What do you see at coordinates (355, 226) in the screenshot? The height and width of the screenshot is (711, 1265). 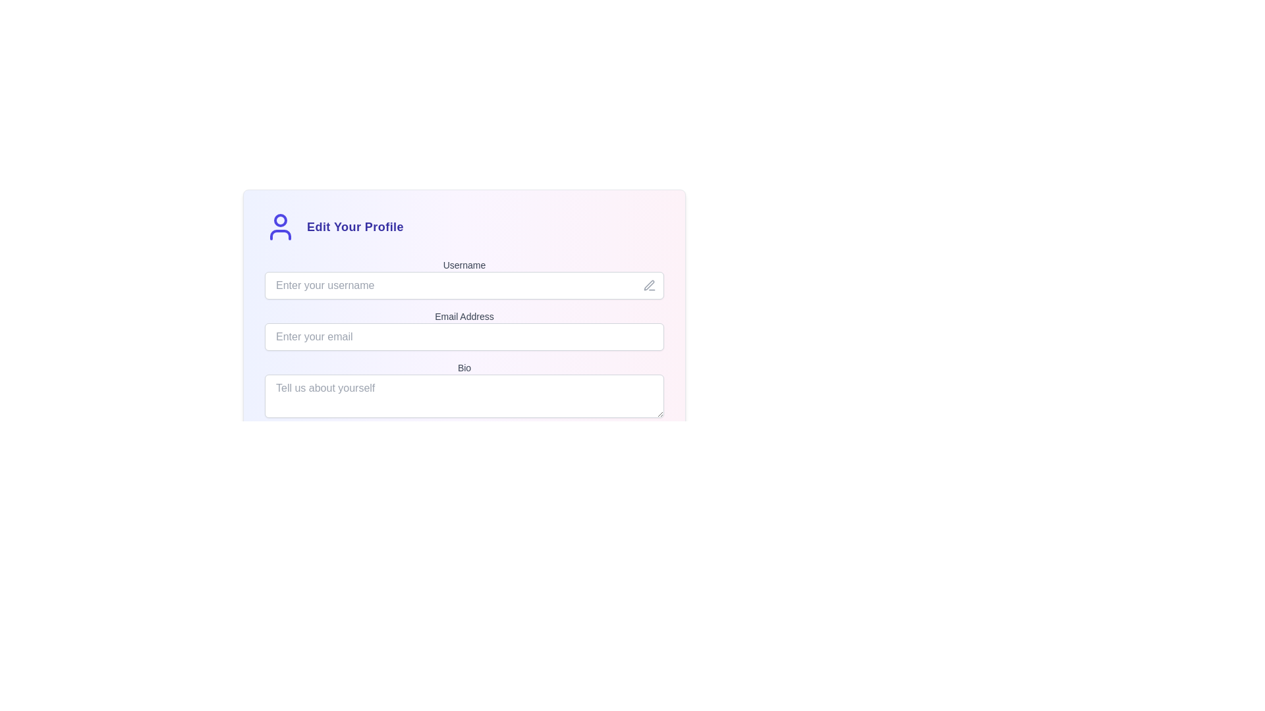 I see `the 'Edit Your Profile' label, which is a bold, indigo-colored text element located on the upper left side of the form interface, adjacent to a user profile icon` at bounding box center [355, 226].